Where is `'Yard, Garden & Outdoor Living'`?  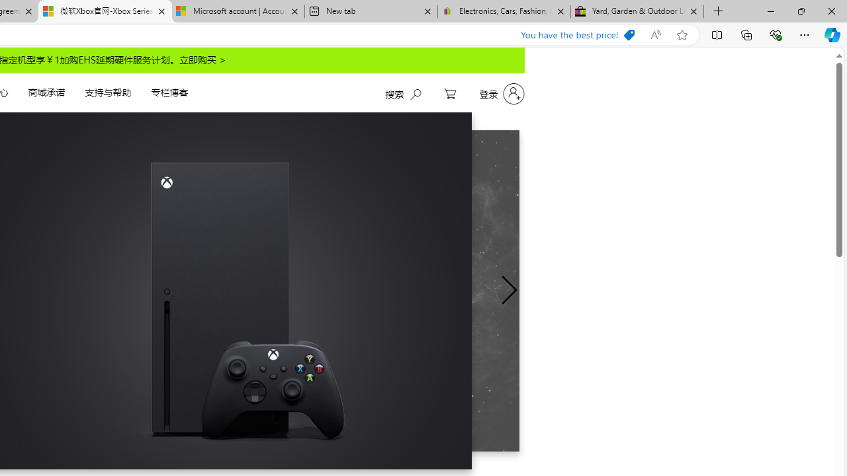 'Yard, Garden & Outdoor Living' is located at coordinates (637, 11).